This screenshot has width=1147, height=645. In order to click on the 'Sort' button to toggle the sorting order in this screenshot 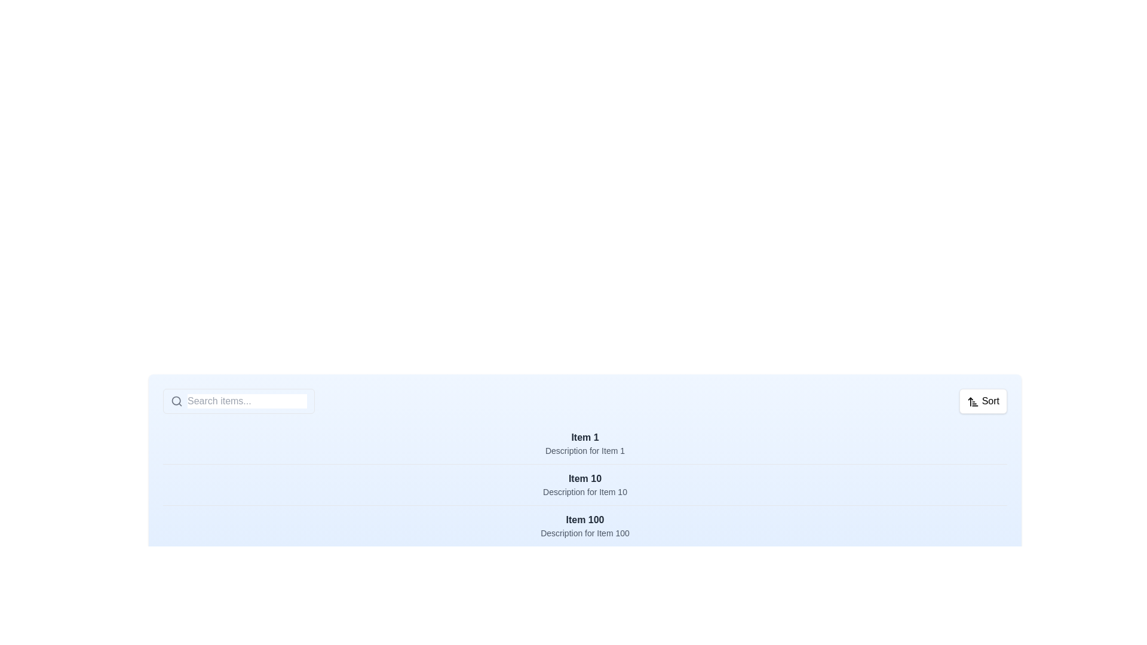, I will do `click(983, 401)`.